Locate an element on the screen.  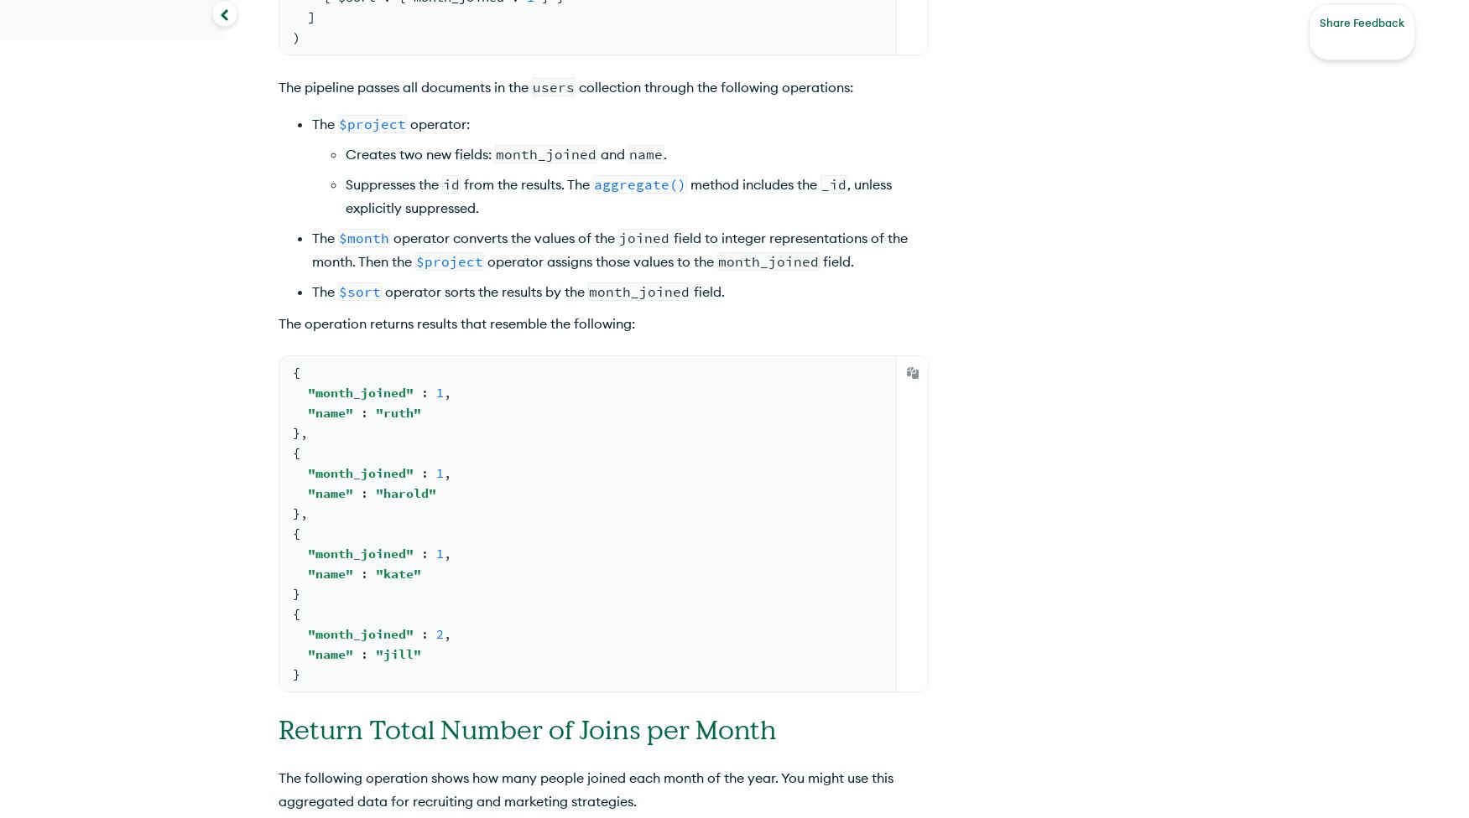
'"ruth"' is located at coordinates (398, 412).